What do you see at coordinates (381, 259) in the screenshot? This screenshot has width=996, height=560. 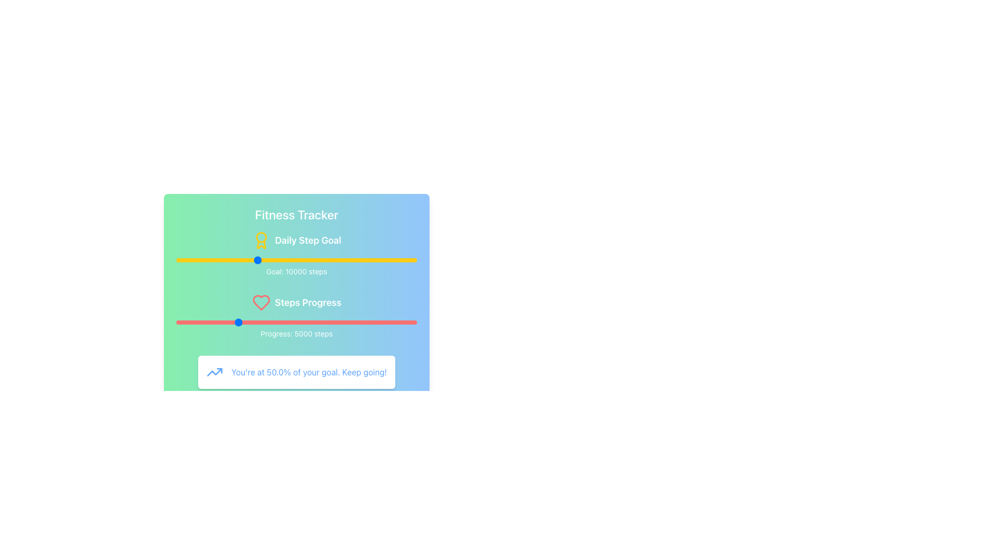 I see `the daily step goal` at bounding box center [381, 259].